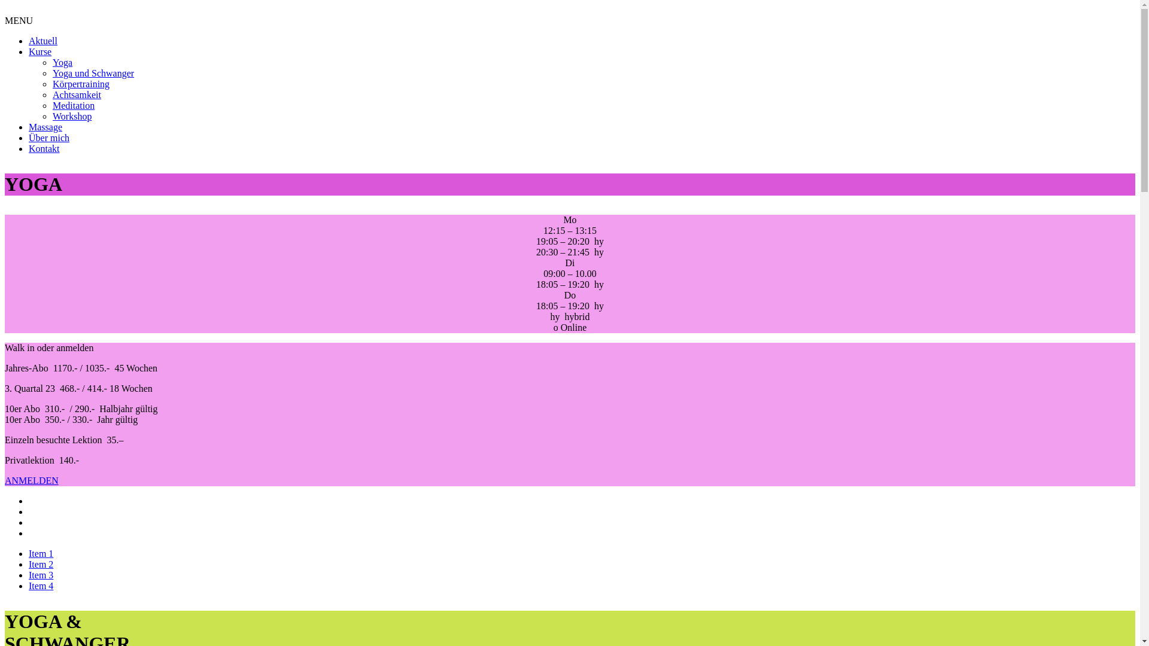 This screenshot has height=646, width=1149. What do you see at coordinates (41, 585) in the screenshot?
I see `'Item 4'` at bounding box center [41, 585].